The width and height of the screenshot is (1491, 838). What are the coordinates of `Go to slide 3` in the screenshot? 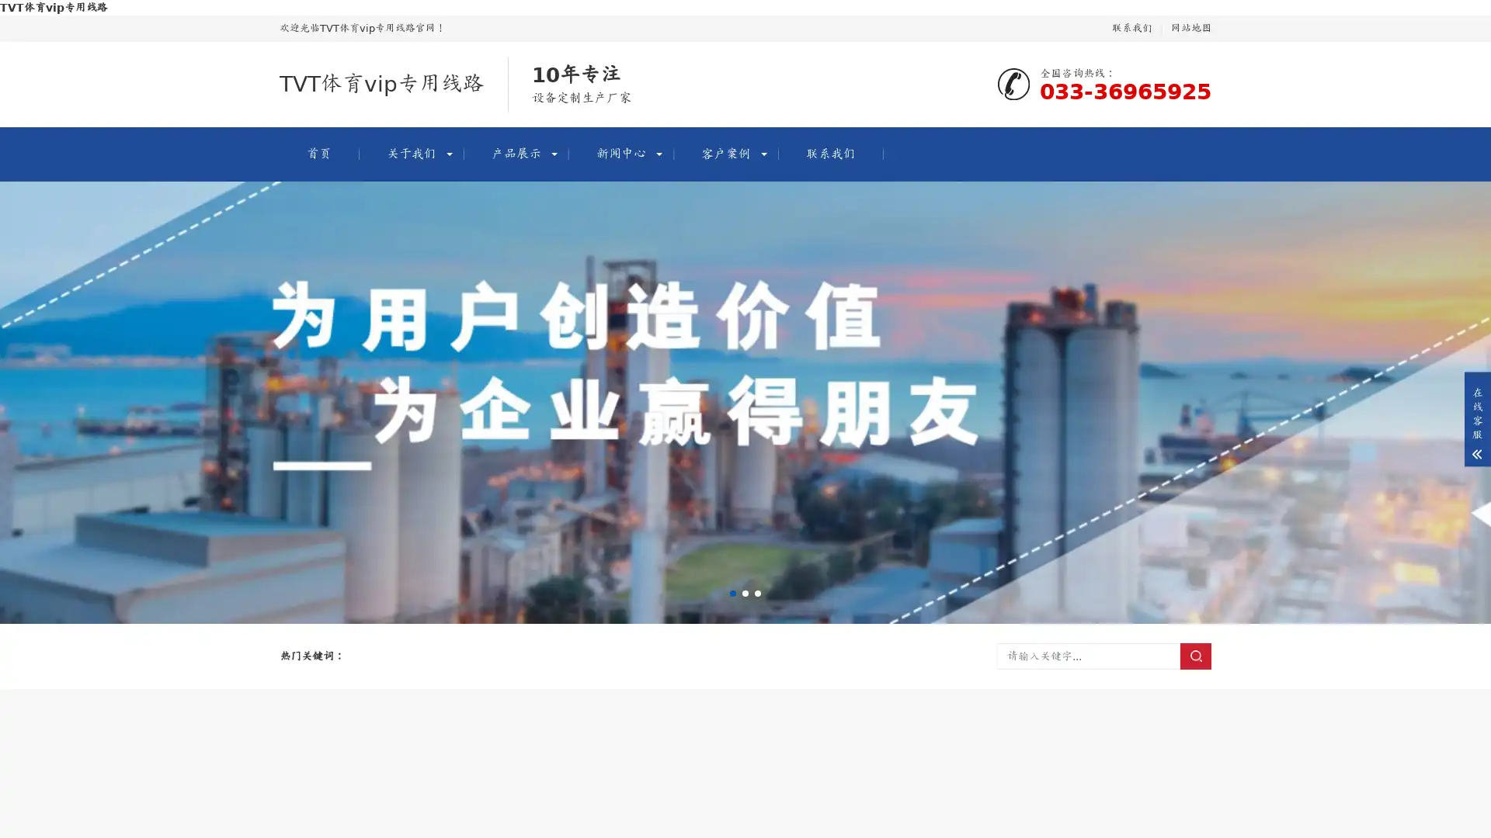 It's located at (757, 593).